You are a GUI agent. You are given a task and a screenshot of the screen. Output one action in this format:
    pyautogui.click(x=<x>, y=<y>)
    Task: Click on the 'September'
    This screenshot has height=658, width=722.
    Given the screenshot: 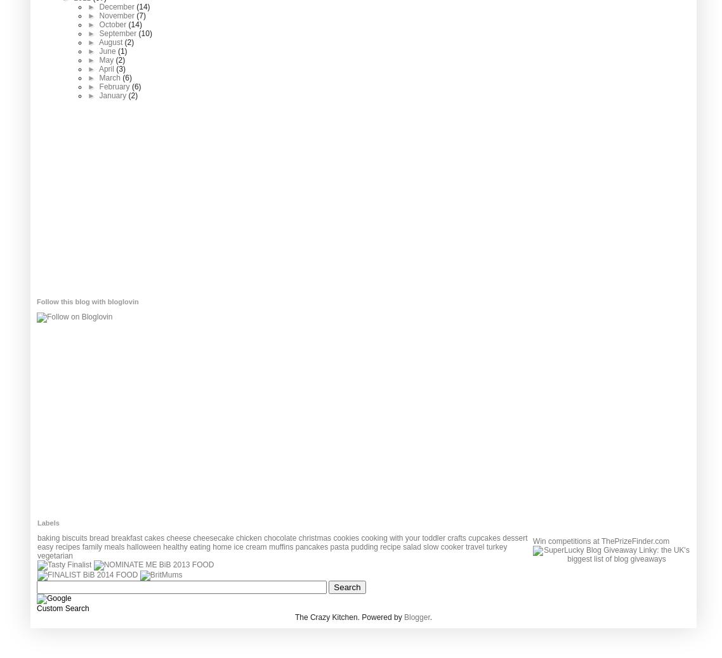 What is the action you would take?
    pyautogui.click(x=117, y=33)
    